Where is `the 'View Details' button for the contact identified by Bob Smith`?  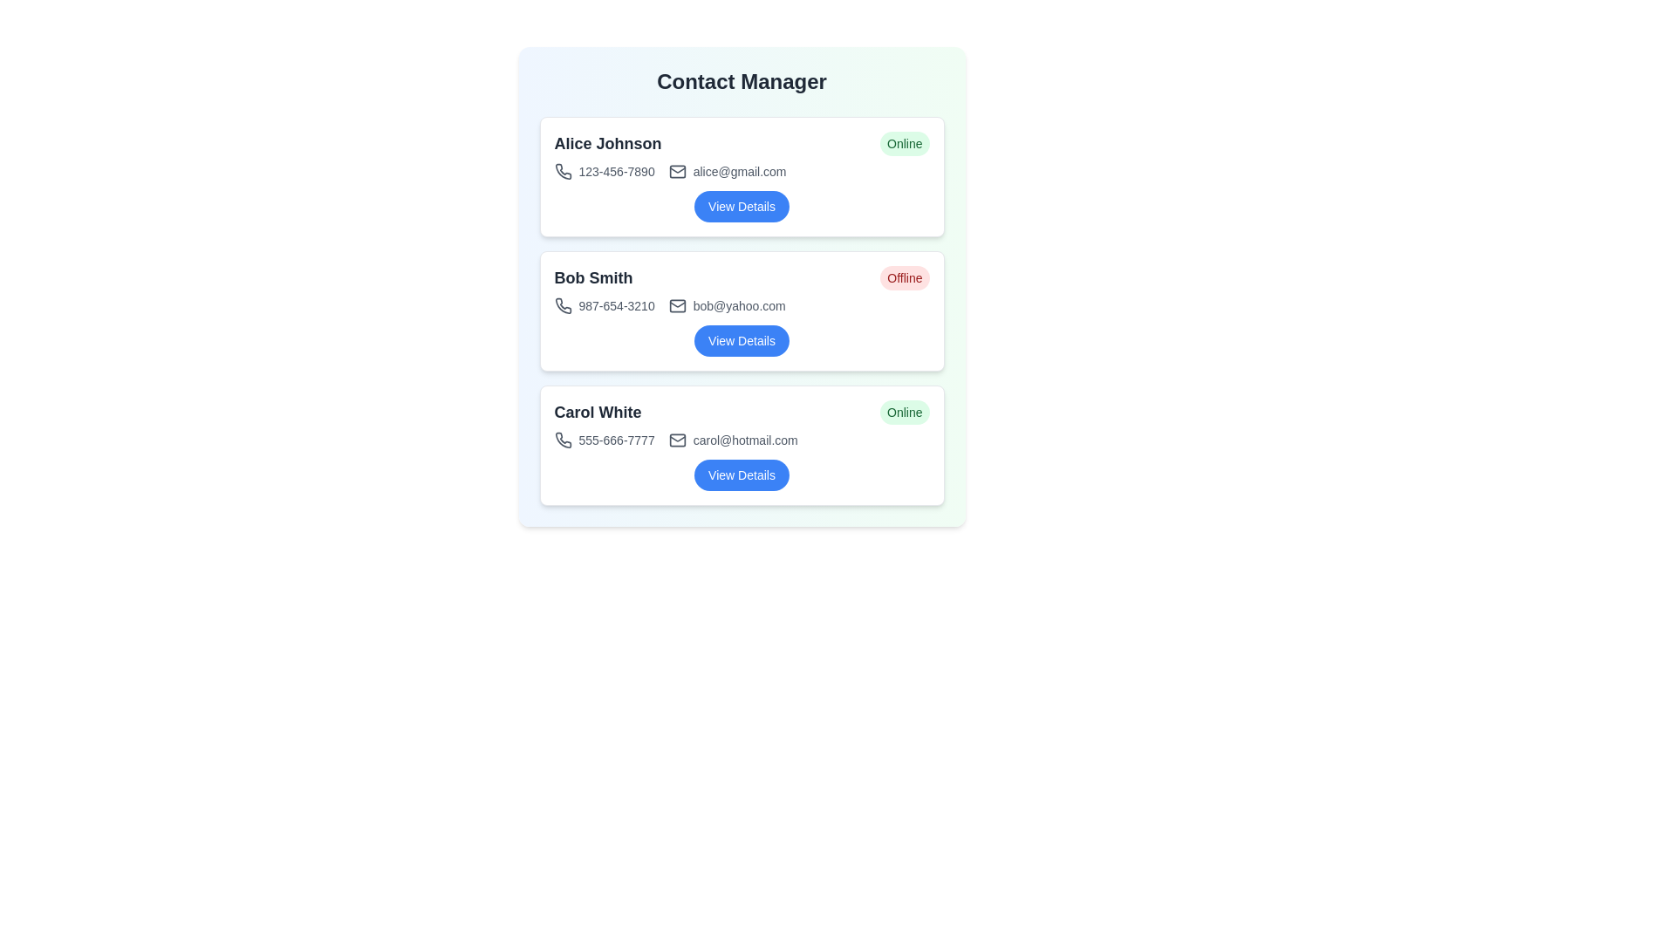
the 'View Details' button for the contact identified by Bob Smith is located at coordinates (742, 340).